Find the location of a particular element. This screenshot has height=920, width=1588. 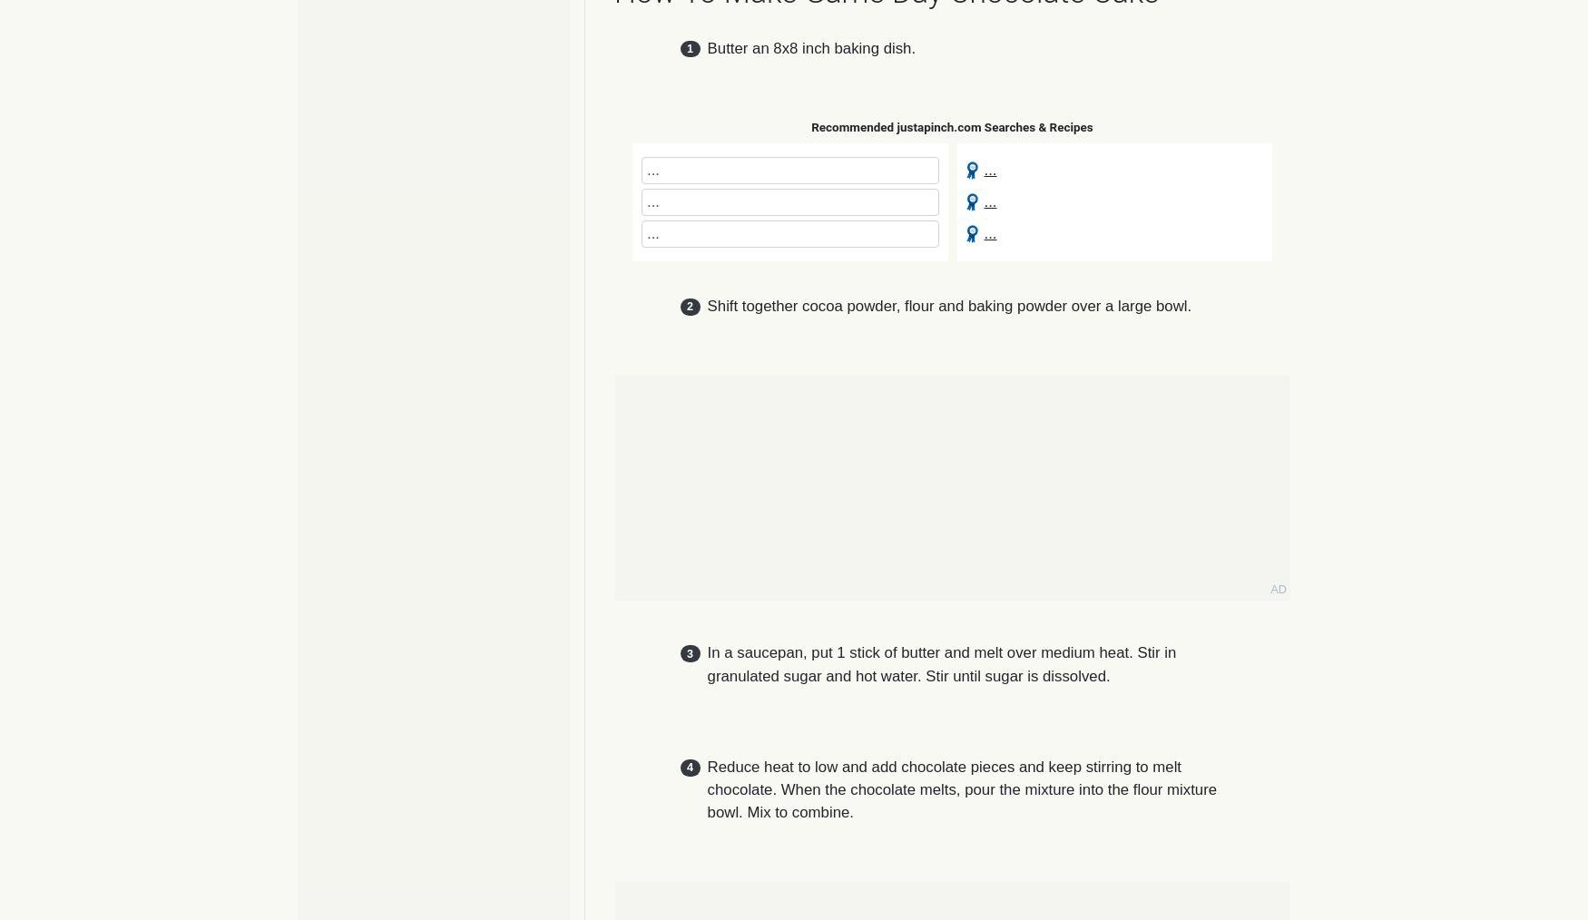

'& Recipes' is located at coordinates (1036, 126).